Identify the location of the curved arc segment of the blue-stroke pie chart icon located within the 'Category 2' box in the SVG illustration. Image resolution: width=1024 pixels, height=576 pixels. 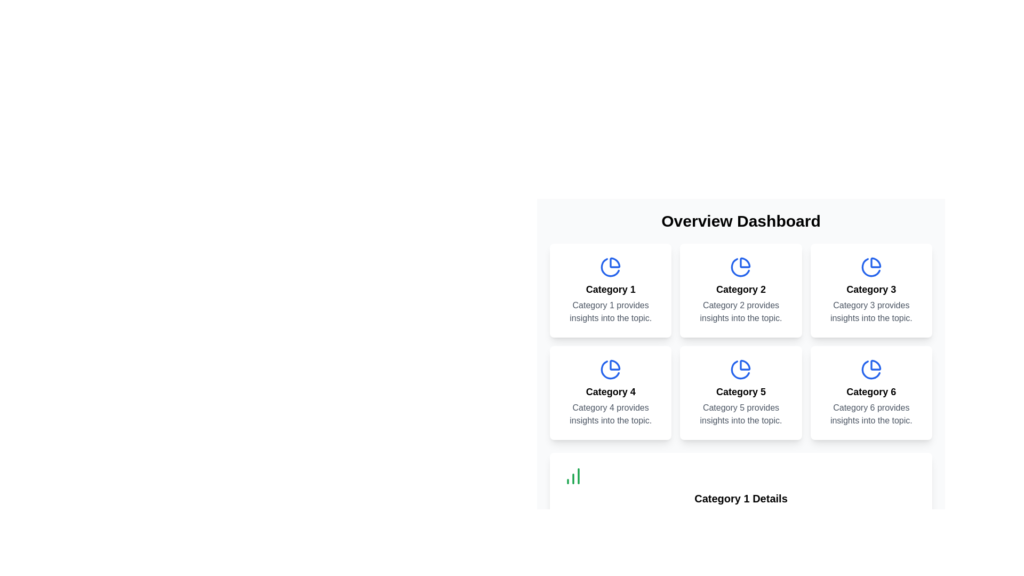
(740, 267).